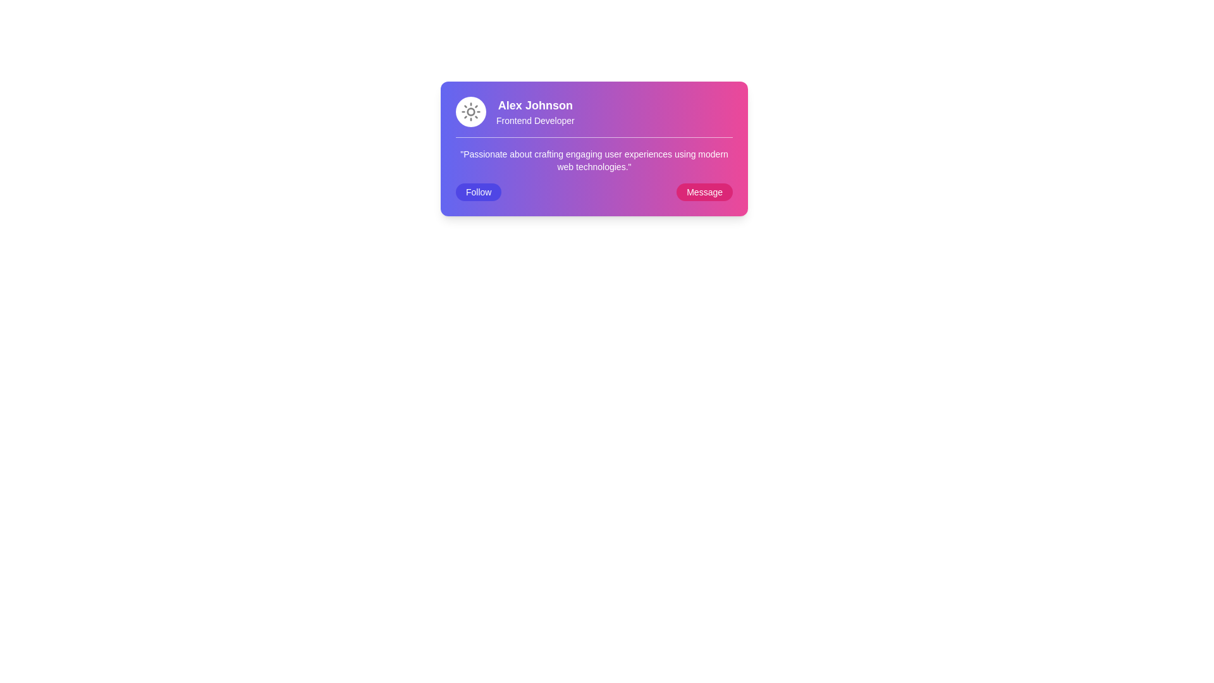  Describe the element at coordinates (478, 192) in the screenshot. I see `the 'Follow' button, which is a rounded rectangular button with a dark indigo background and white text, located in the bottom-left corner of the card component` at that location.